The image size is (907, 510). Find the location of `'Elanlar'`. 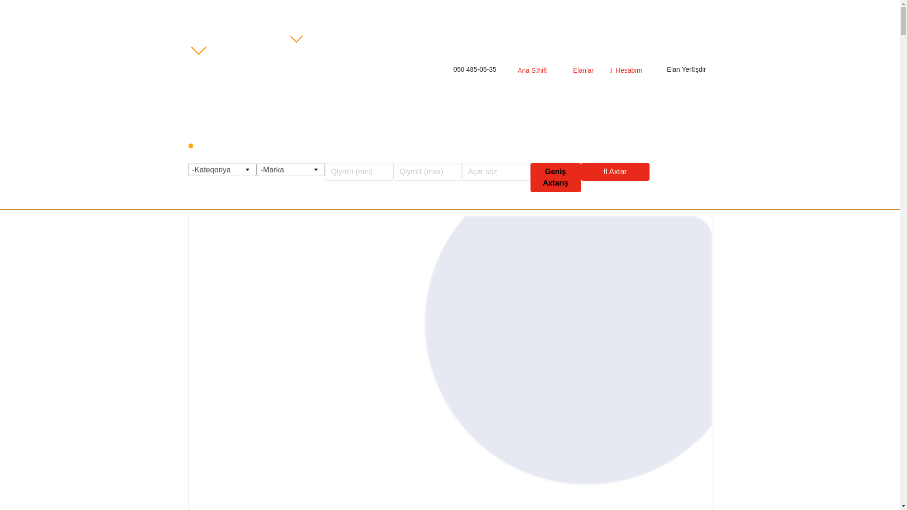

'Elanlar' is located at coordinates (578, 70).